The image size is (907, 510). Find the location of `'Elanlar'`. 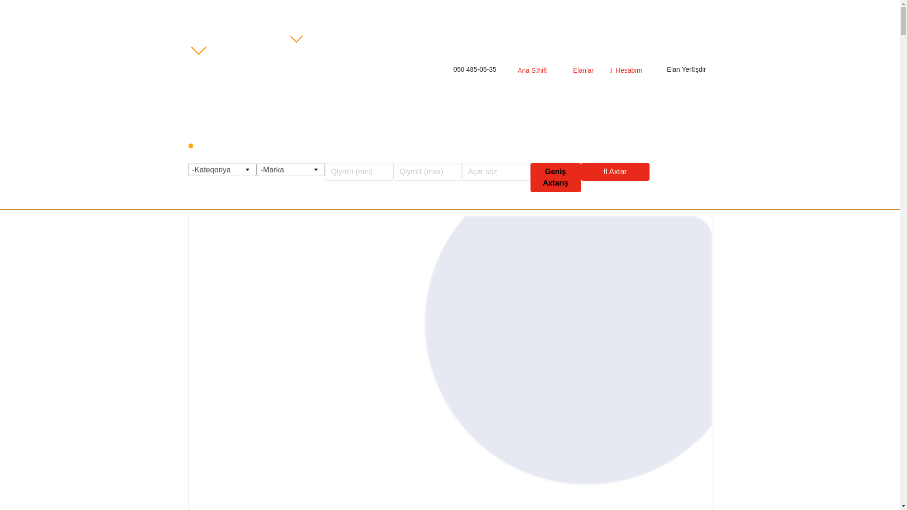

'Elanlar' is located at coordinates (578, 70).